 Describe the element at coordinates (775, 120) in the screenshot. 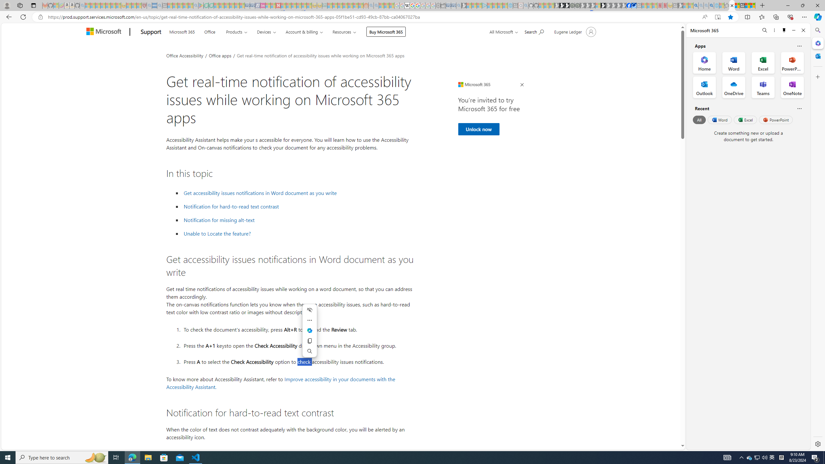

I see `'PowerPoint'` at that location.